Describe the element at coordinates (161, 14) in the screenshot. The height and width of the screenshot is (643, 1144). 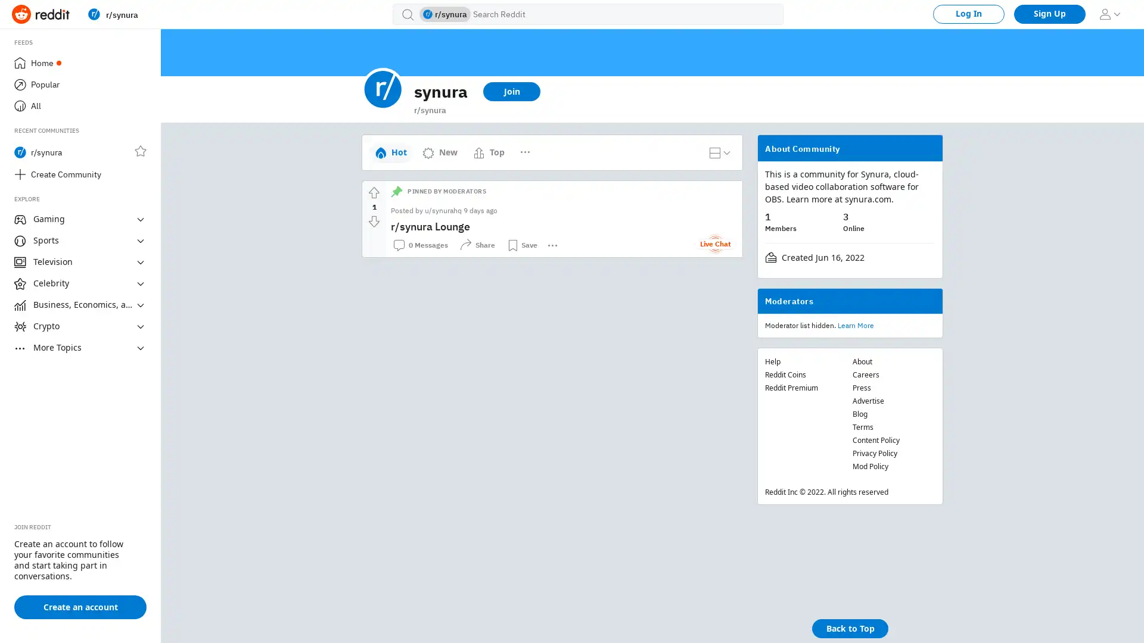
I see `r/synura` at that location.